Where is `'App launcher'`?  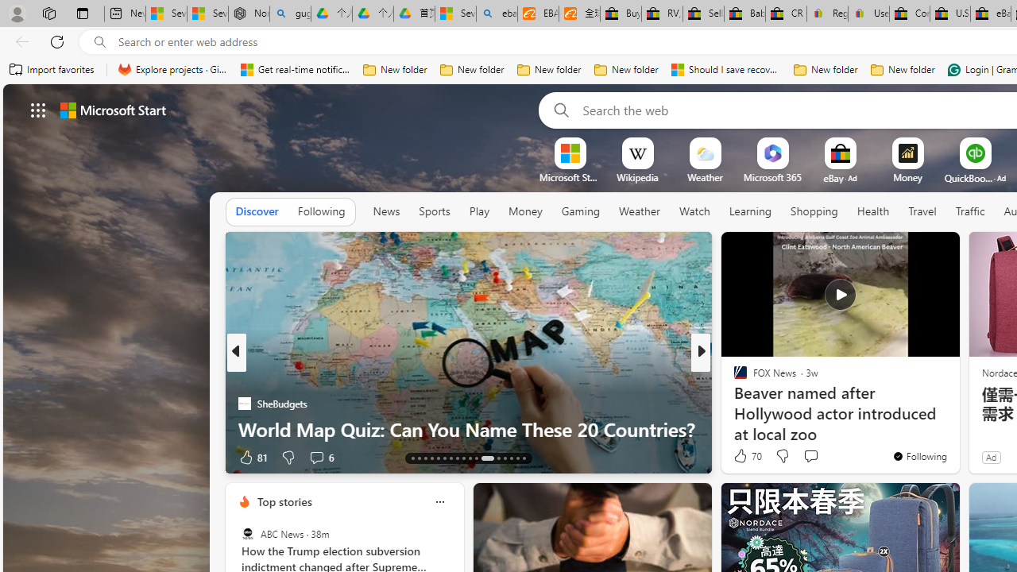 'App launcher' is located at coordinates (38, 109).